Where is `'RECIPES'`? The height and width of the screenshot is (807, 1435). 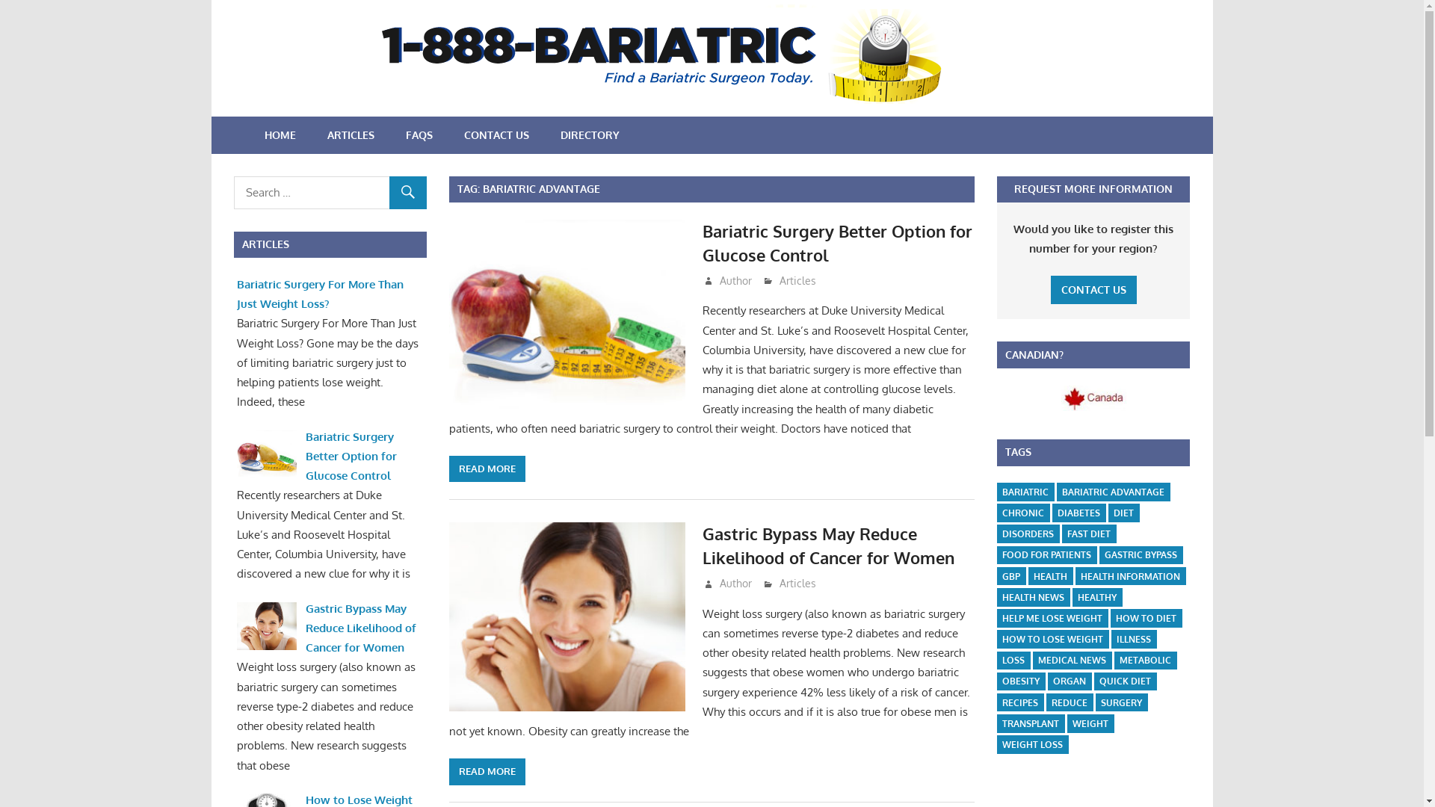 'RECIPES' is located at coordinates (1019, 702).